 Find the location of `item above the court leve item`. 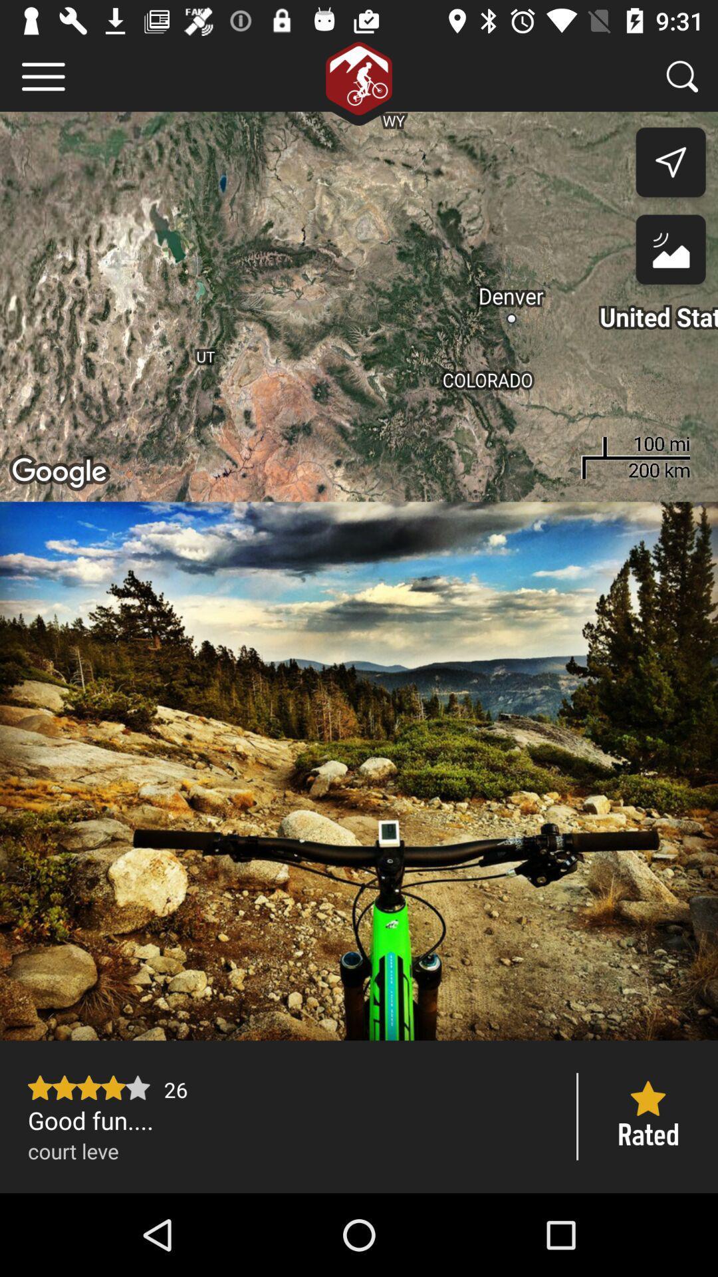

item above the court leve item is located at coordinates (289, 1119).